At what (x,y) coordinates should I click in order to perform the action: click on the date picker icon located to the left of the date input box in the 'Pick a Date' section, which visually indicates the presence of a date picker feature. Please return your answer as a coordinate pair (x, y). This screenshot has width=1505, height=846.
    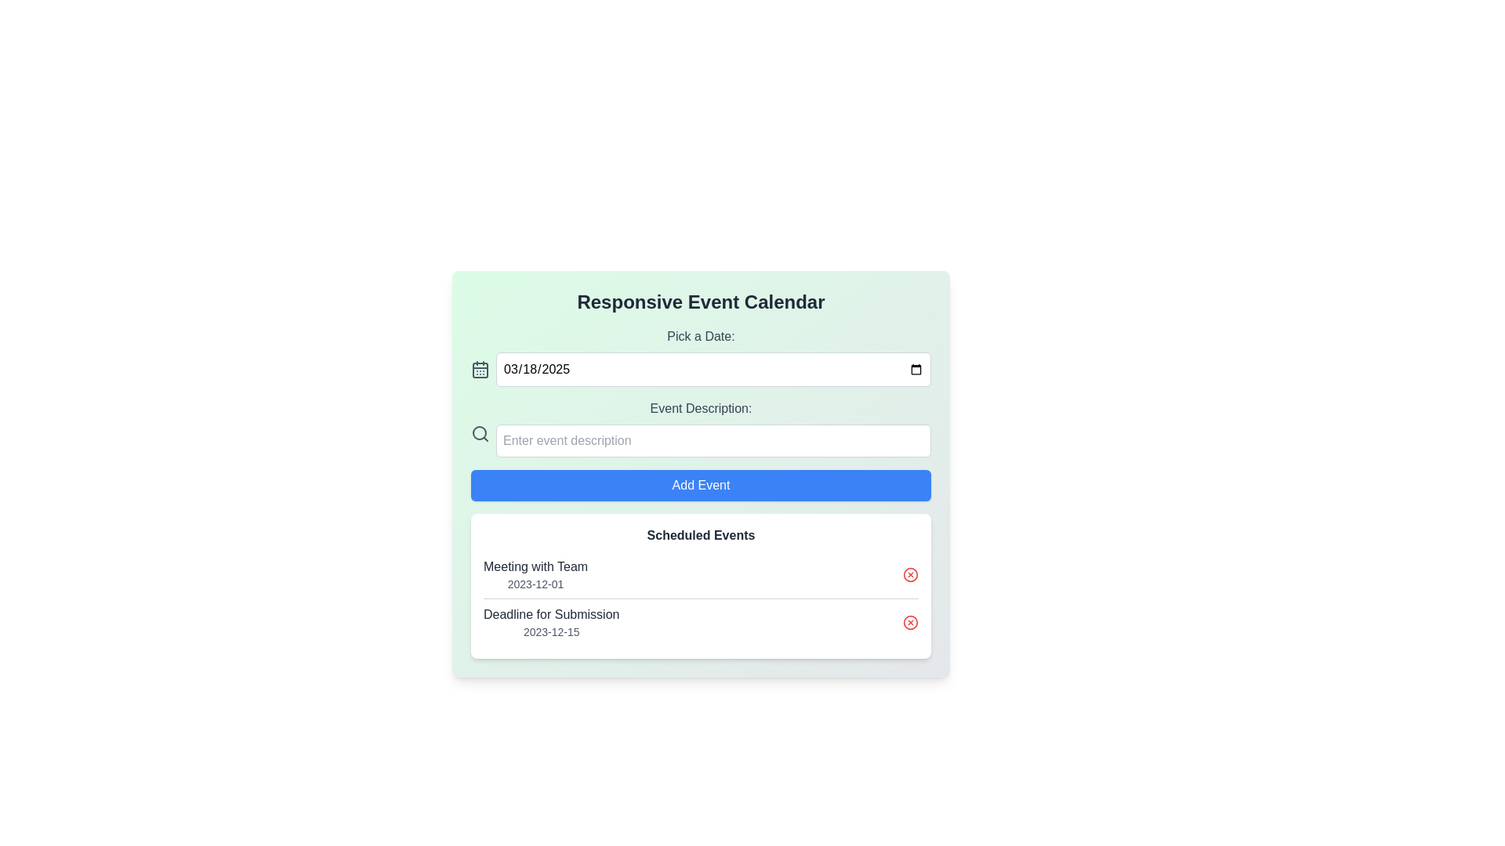
    Looking at the image, I should click on (480, 369).